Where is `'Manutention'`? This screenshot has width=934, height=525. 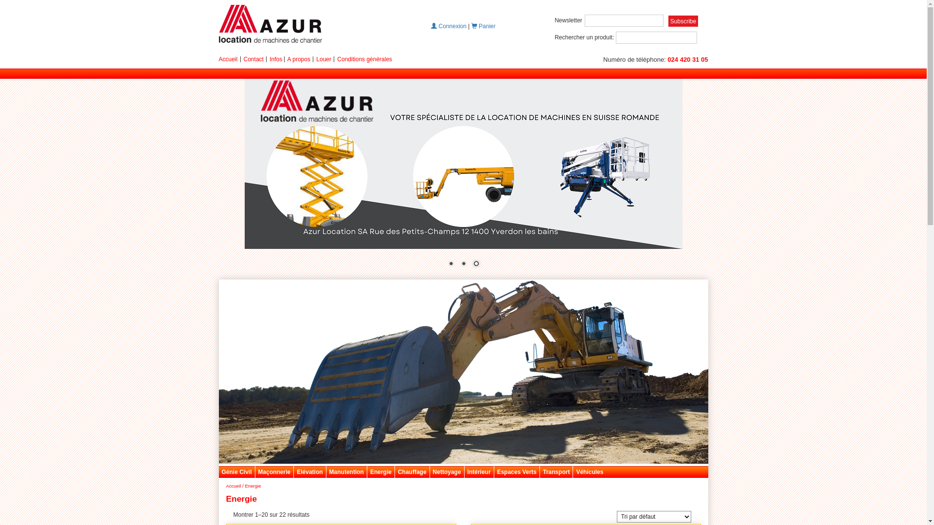
'Manutention' is located at coordinates (346, 472).